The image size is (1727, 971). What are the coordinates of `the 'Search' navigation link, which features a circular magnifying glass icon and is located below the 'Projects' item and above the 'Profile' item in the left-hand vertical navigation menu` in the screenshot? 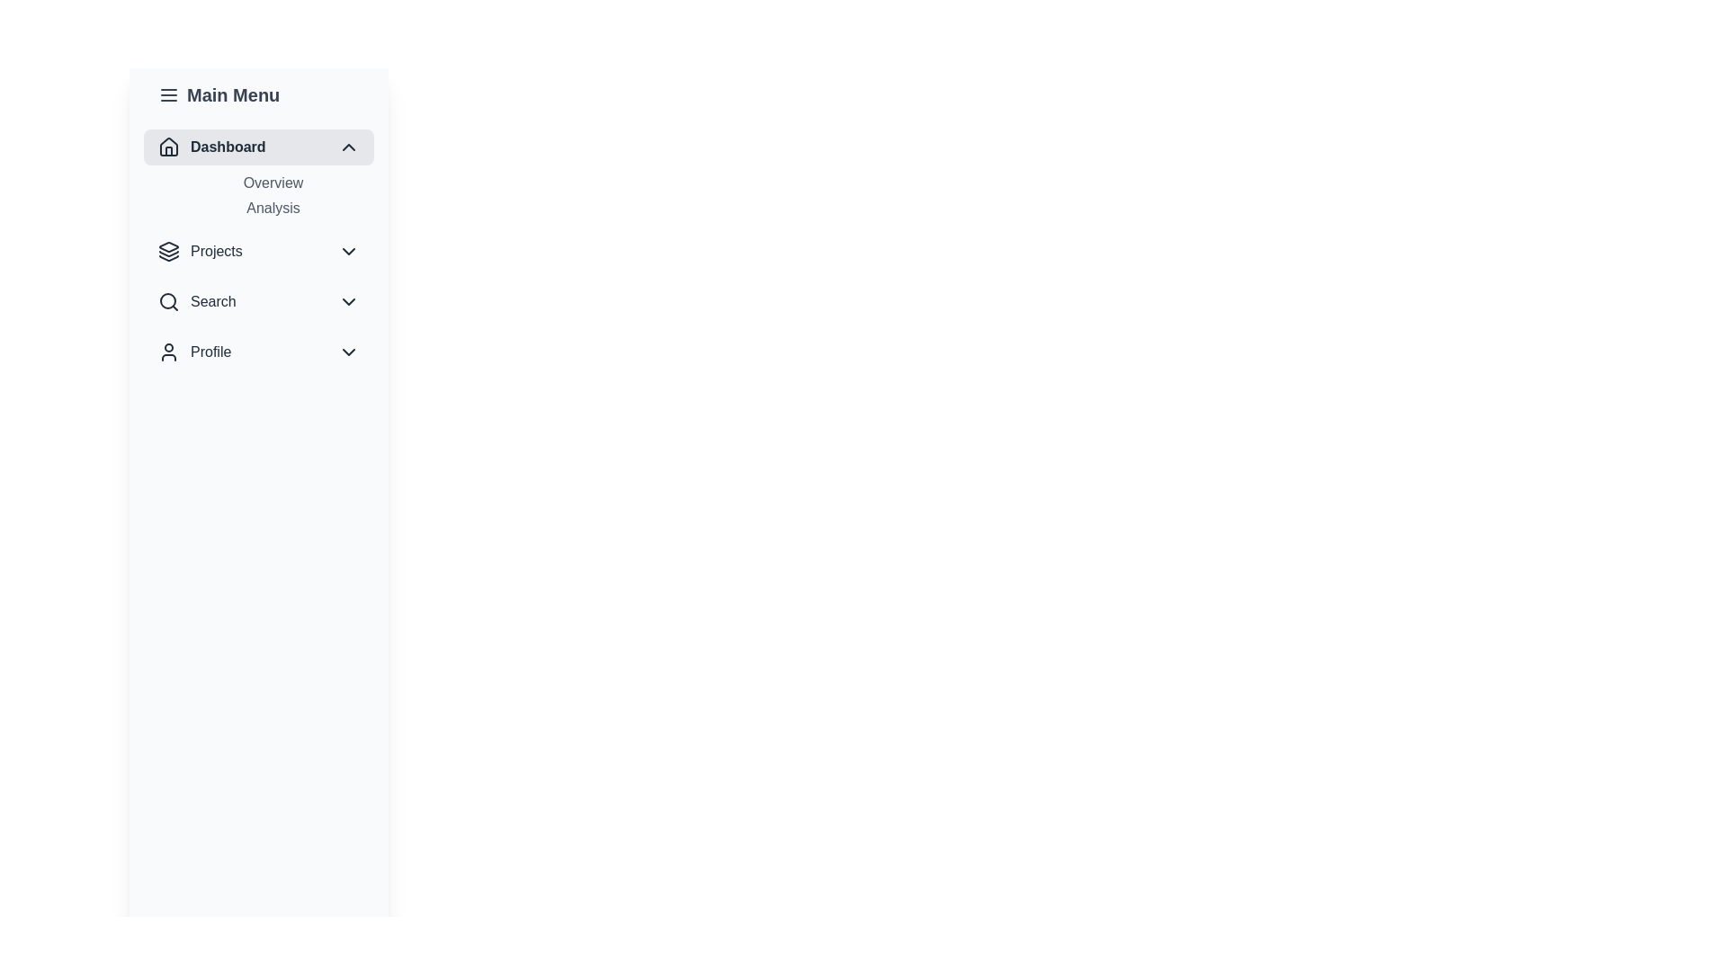 It's located at (197, 300).